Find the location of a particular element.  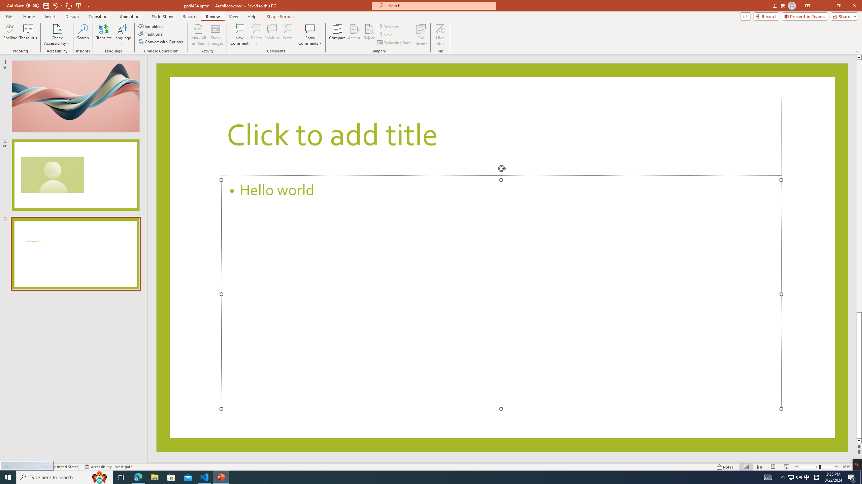

'Translate' is located at coordinates (104, 35).